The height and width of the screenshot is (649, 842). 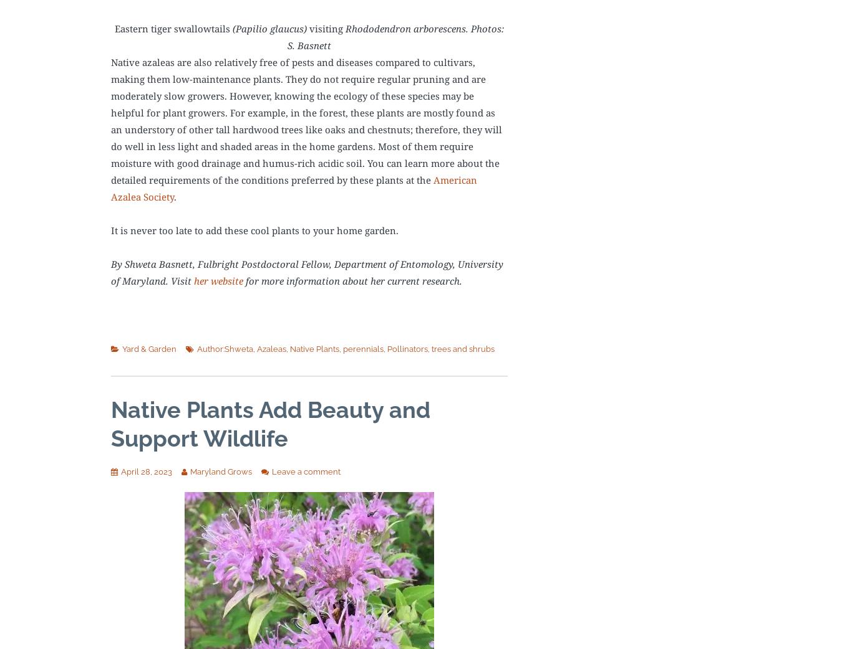 What do you see at coordinates (293, 188) in the screenshot?
I see `'American Azalea Society'` at bounding box center [293, 188].